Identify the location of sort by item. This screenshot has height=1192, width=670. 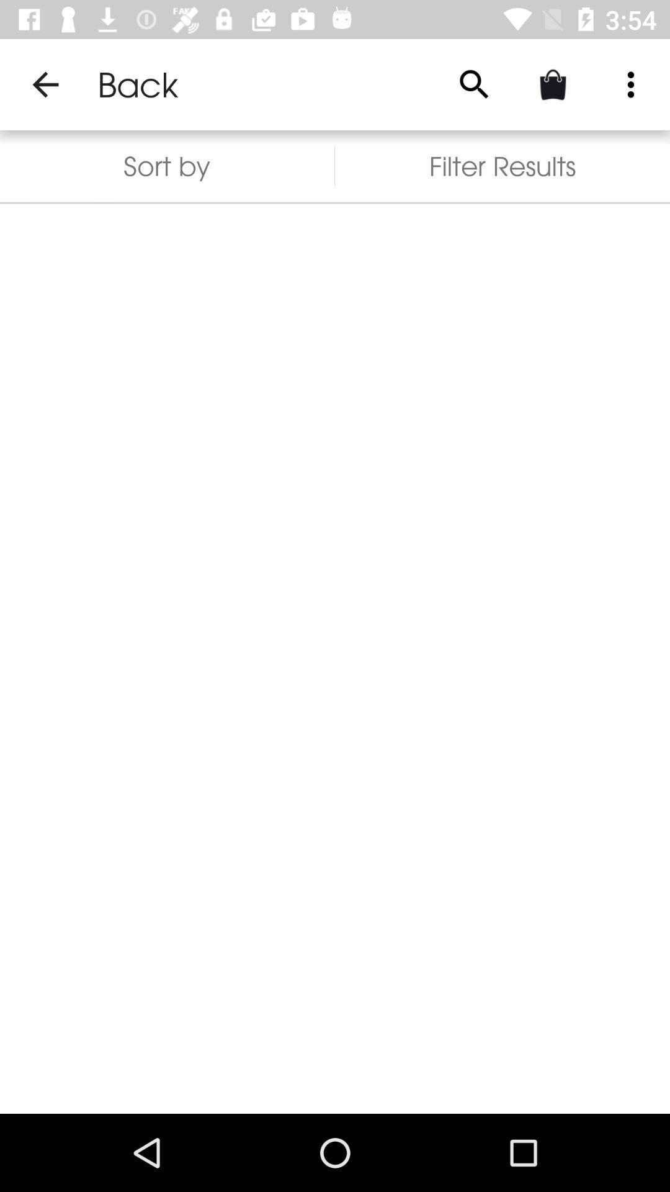
(166, 165).